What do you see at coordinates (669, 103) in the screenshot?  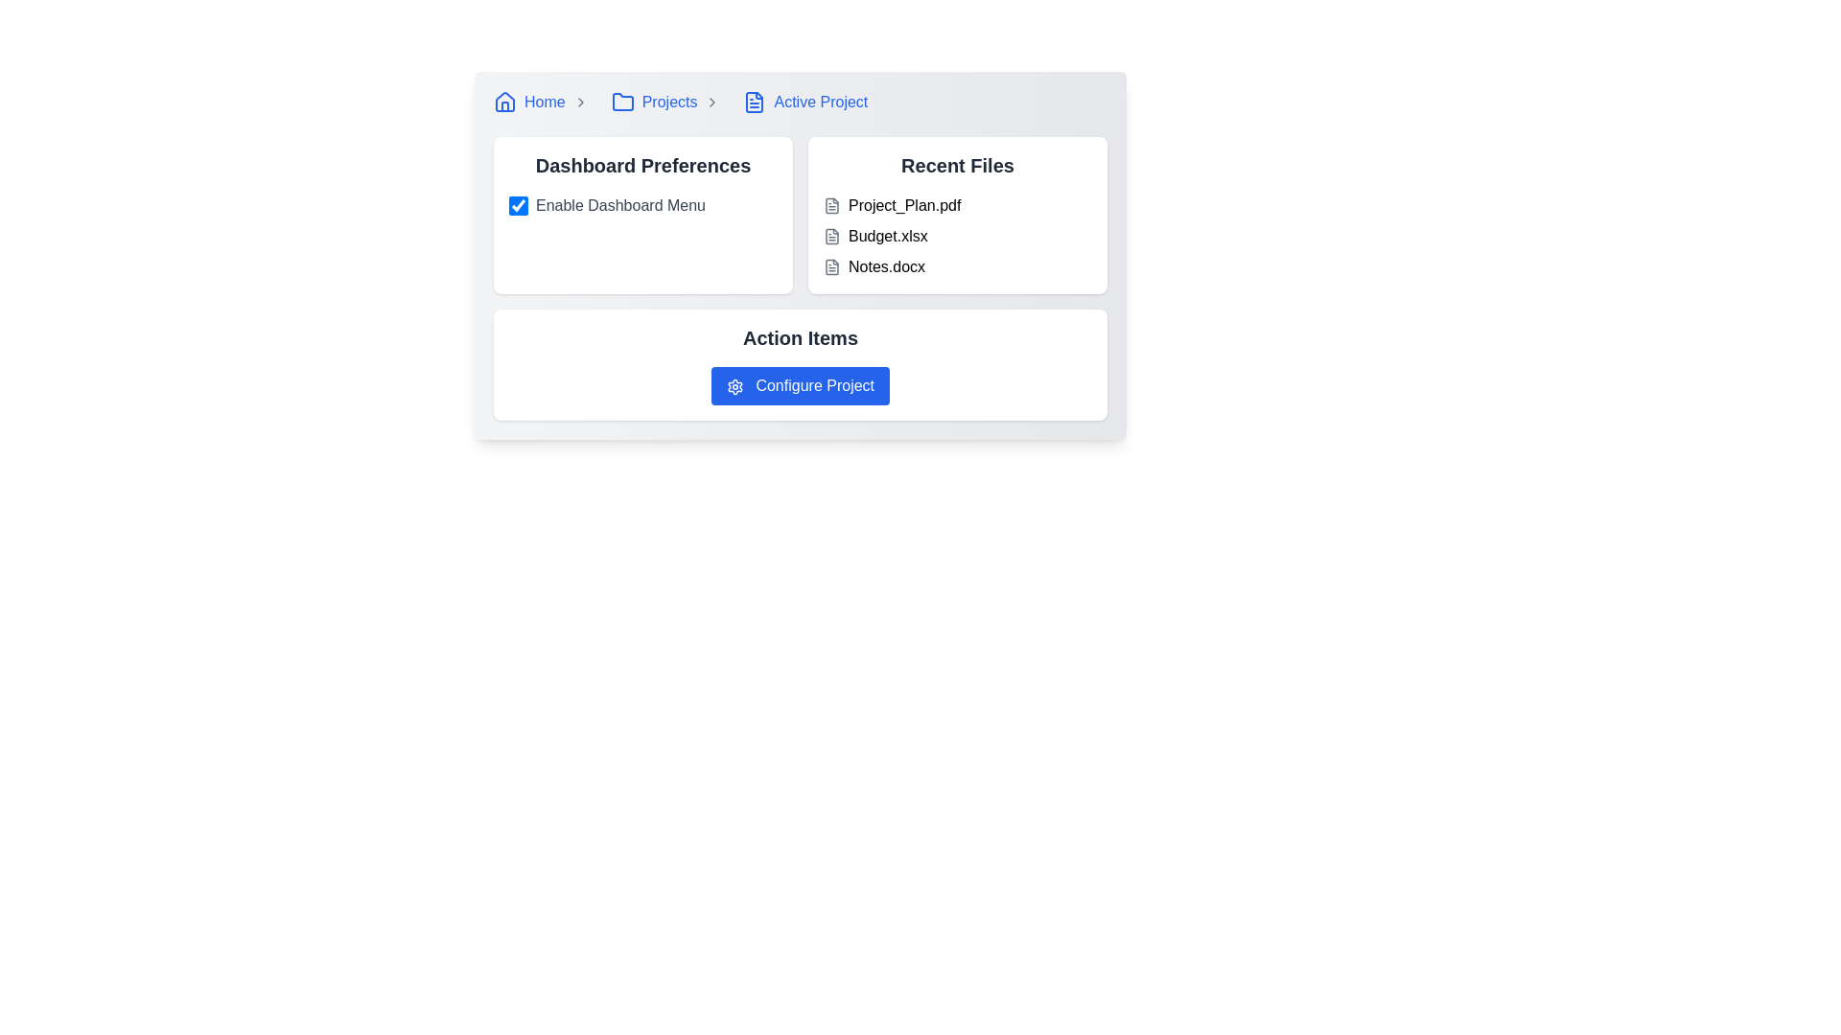 I see `the 'Projects' breadcrumb link, which is styled with blue text and has a folder icon` at bounding box center [669, 103].